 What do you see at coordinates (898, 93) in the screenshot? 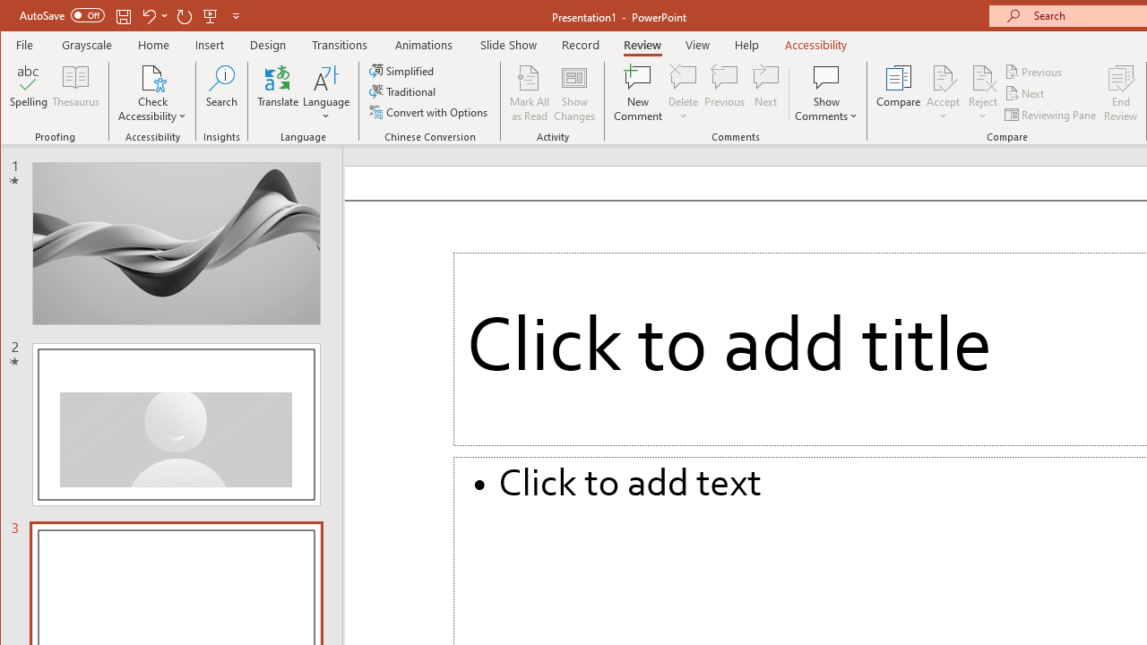
I see `'Compare'` at bounding box center [898, 93].